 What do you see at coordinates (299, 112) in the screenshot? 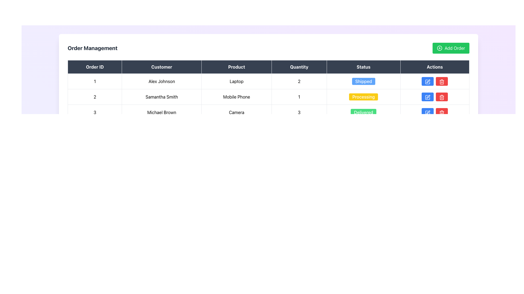
I see `the numeric text '3' located in the 'Quantity' column of the third row in the table, which is styled as a table cell and centrally aligned` at bounding box center [299, 112].